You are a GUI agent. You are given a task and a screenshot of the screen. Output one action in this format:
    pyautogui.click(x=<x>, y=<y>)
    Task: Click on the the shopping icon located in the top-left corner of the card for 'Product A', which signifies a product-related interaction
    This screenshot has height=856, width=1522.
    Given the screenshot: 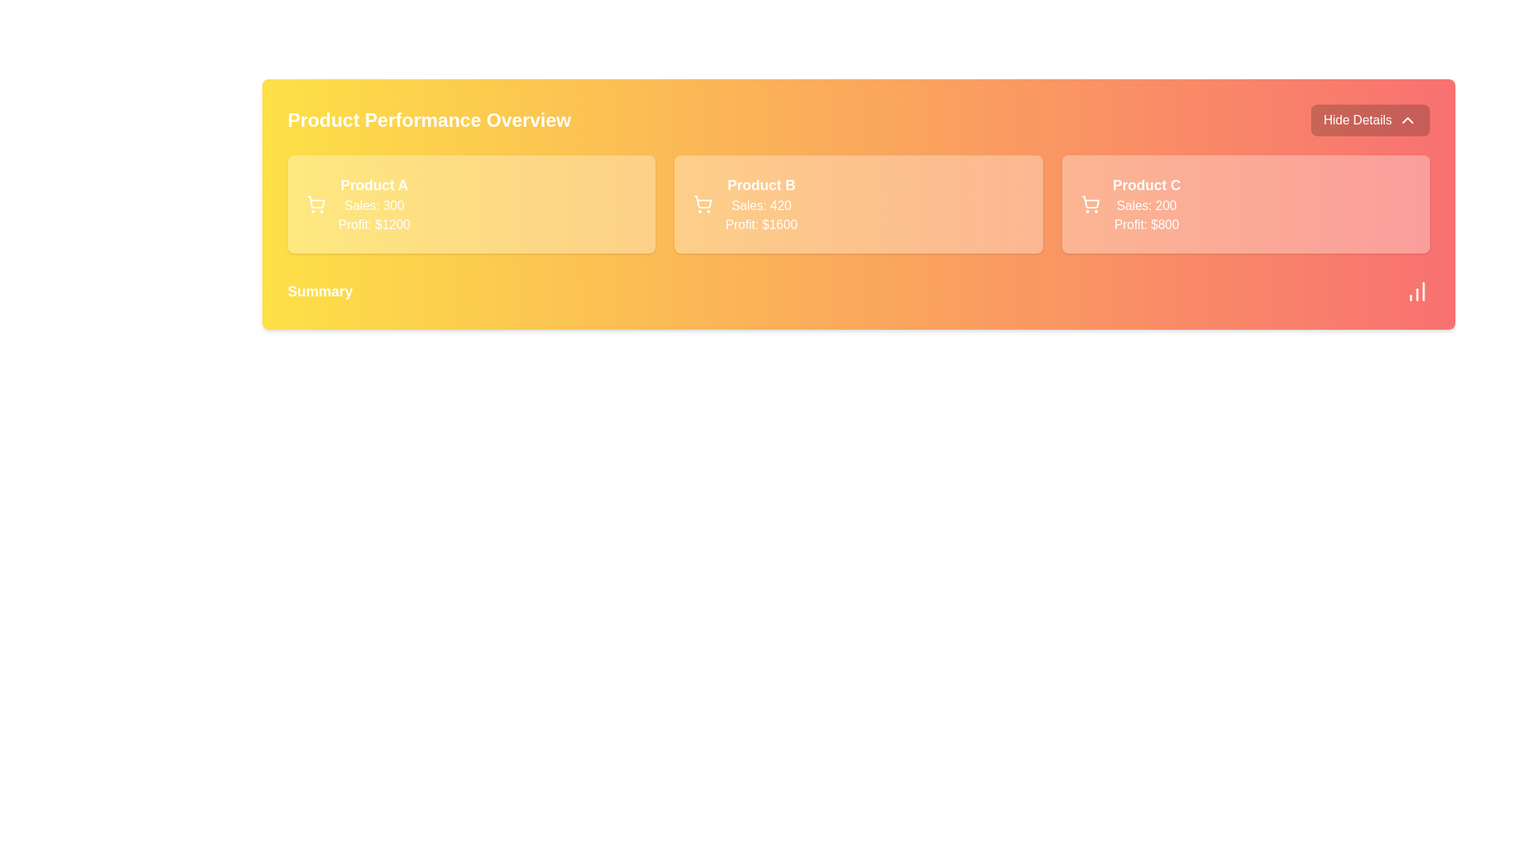 What is the action you would take?
    pyautogui.click(x=315, y=204)
    